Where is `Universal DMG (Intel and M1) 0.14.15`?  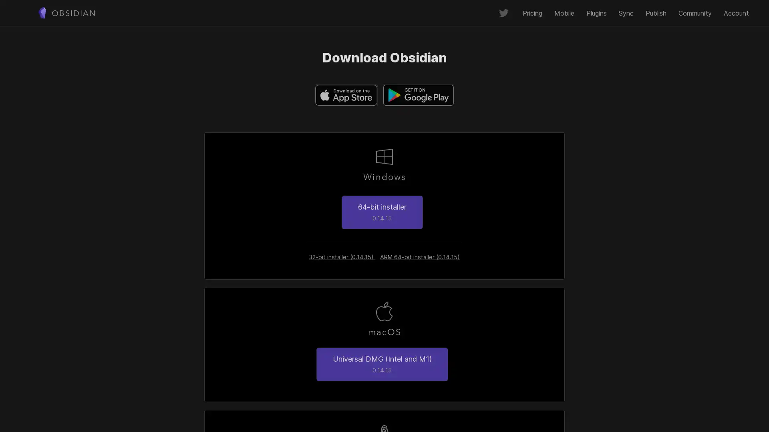
Universal DMG (Intel and M1) 0.14.15 is located at coordinates (381, 364).